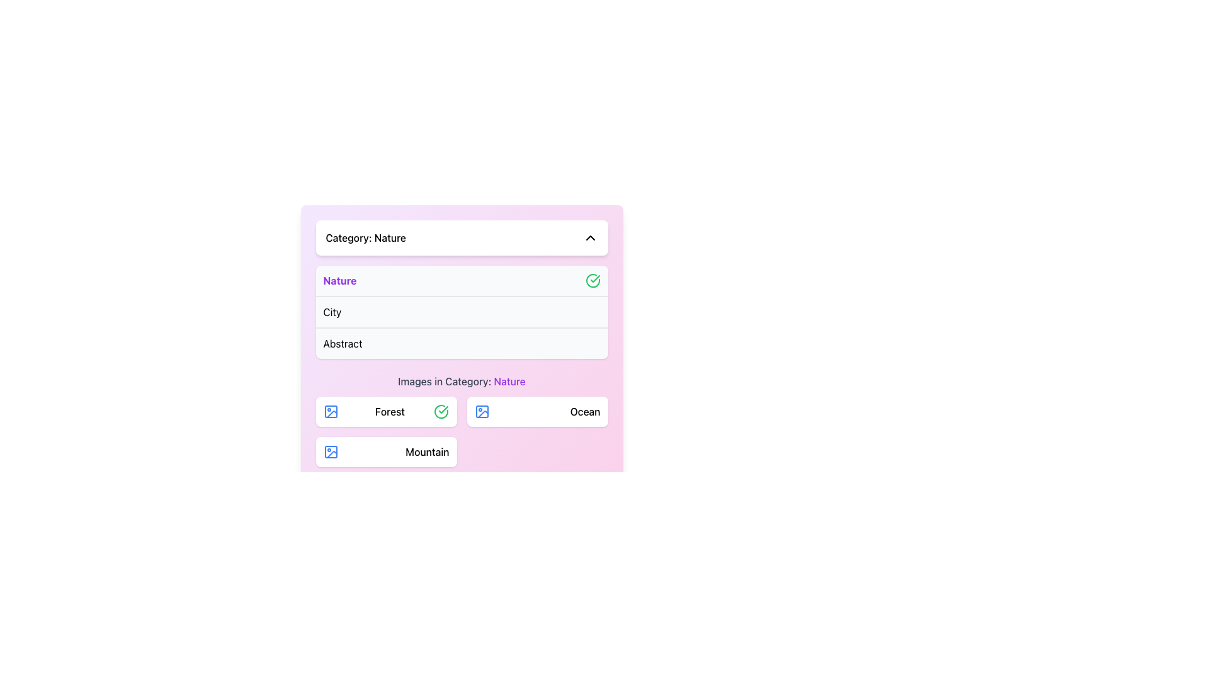 This screenshot has height=680, width=1209. Describe the element at coordinates (589, 238) in the screenshot. I see `the Icon (Chevron-Up) located in the upper right corner of the 'Category: Nature' header` at that location.